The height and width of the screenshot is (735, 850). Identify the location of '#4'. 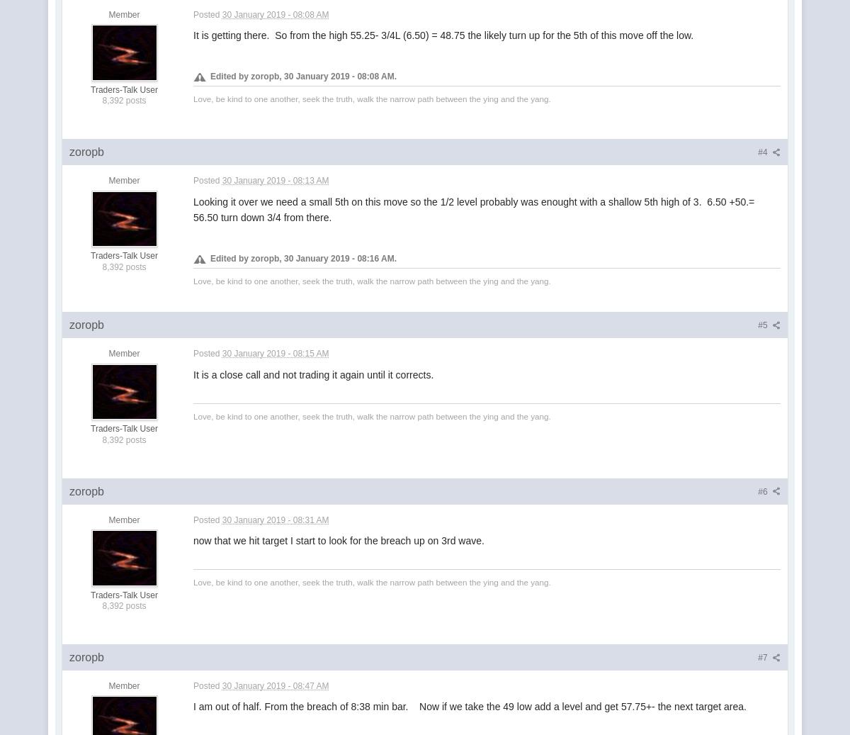
(763, 151).